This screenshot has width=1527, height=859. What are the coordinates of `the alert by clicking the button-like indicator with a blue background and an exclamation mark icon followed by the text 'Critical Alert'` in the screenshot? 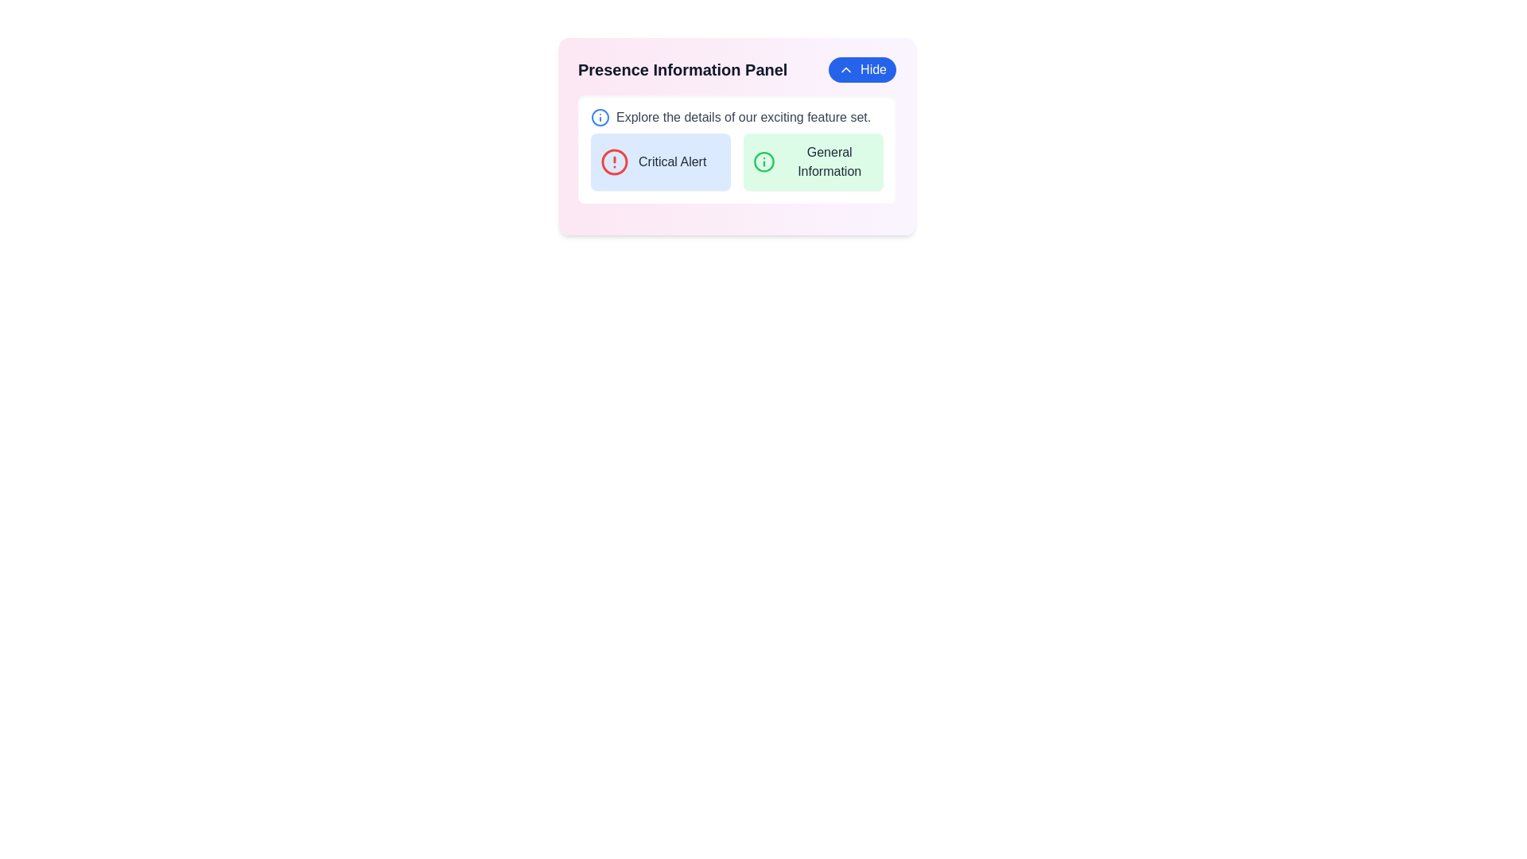 It's located at (660, 162).